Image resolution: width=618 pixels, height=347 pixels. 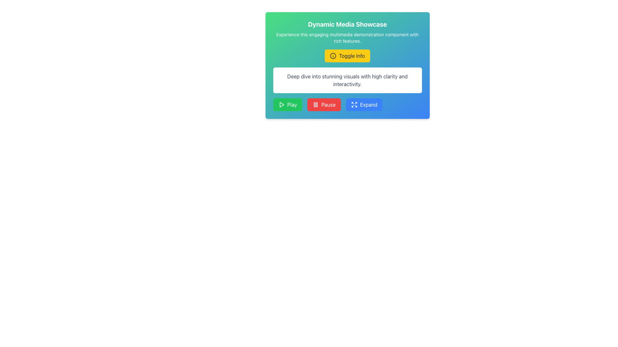 I want to click on the SVG icon representing the pause symbol within the 'Pause' button, which is the second button among the three main action buttons at the bottom of the card, so click(x=315, y=104).